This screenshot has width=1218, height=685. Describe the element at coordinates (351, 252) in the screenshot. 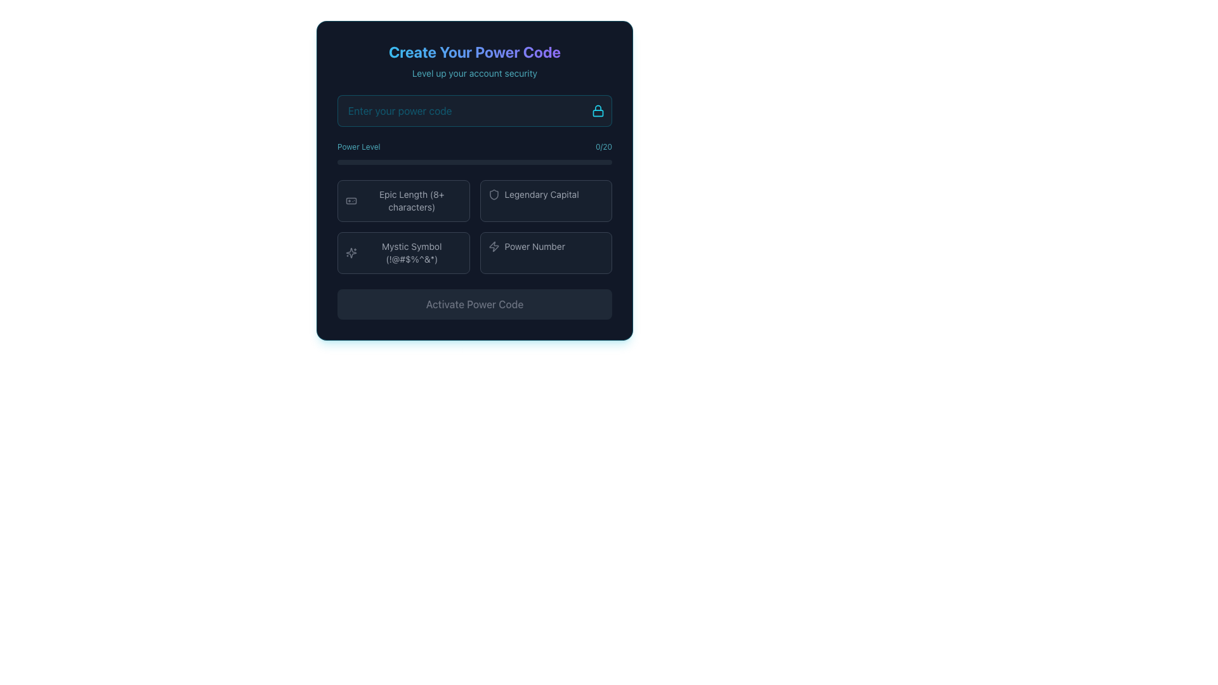

I see `the gray sparkles icon located to the left of the text 'Mystic Symbol (!@#$%^&*)'` at that location.